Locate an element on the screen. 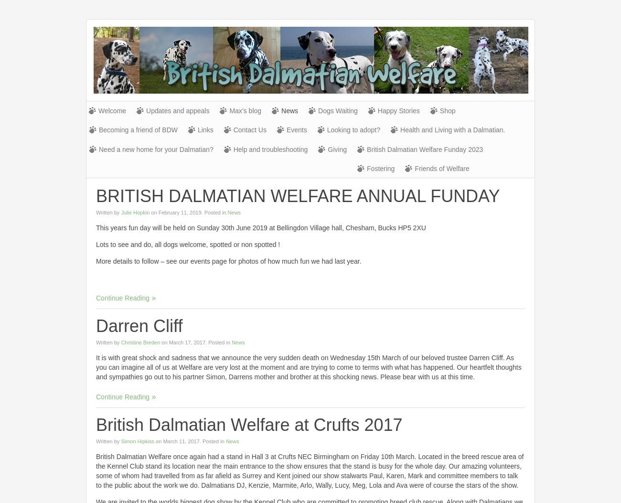  'Shop' is located at coordinates (447, 110).